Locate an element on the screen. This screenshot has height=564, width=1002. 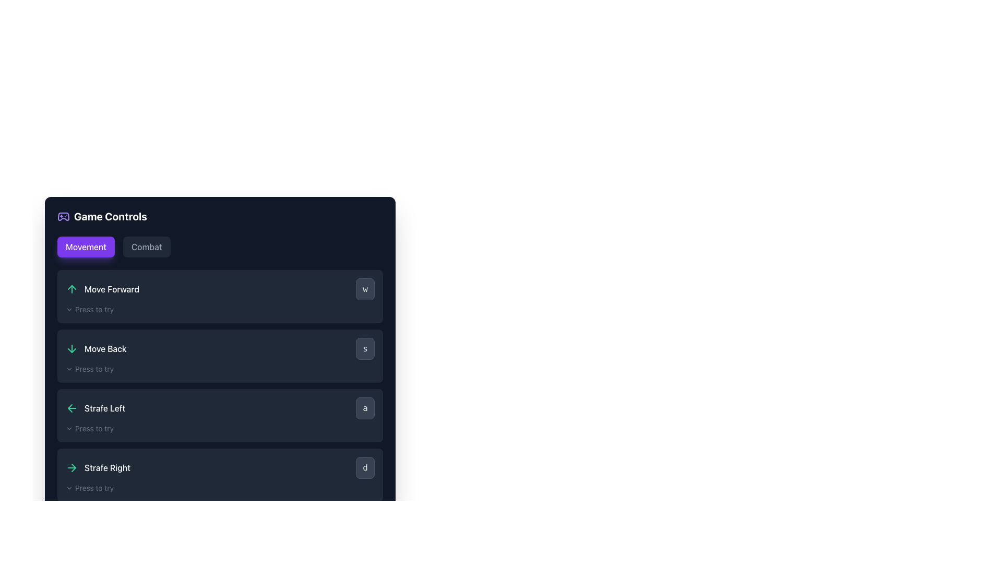
text label displaying 'Strafe Right', which is the last text label in the vertical list of movement controls, positioned against a dark background is located at coordinates (108, 467).